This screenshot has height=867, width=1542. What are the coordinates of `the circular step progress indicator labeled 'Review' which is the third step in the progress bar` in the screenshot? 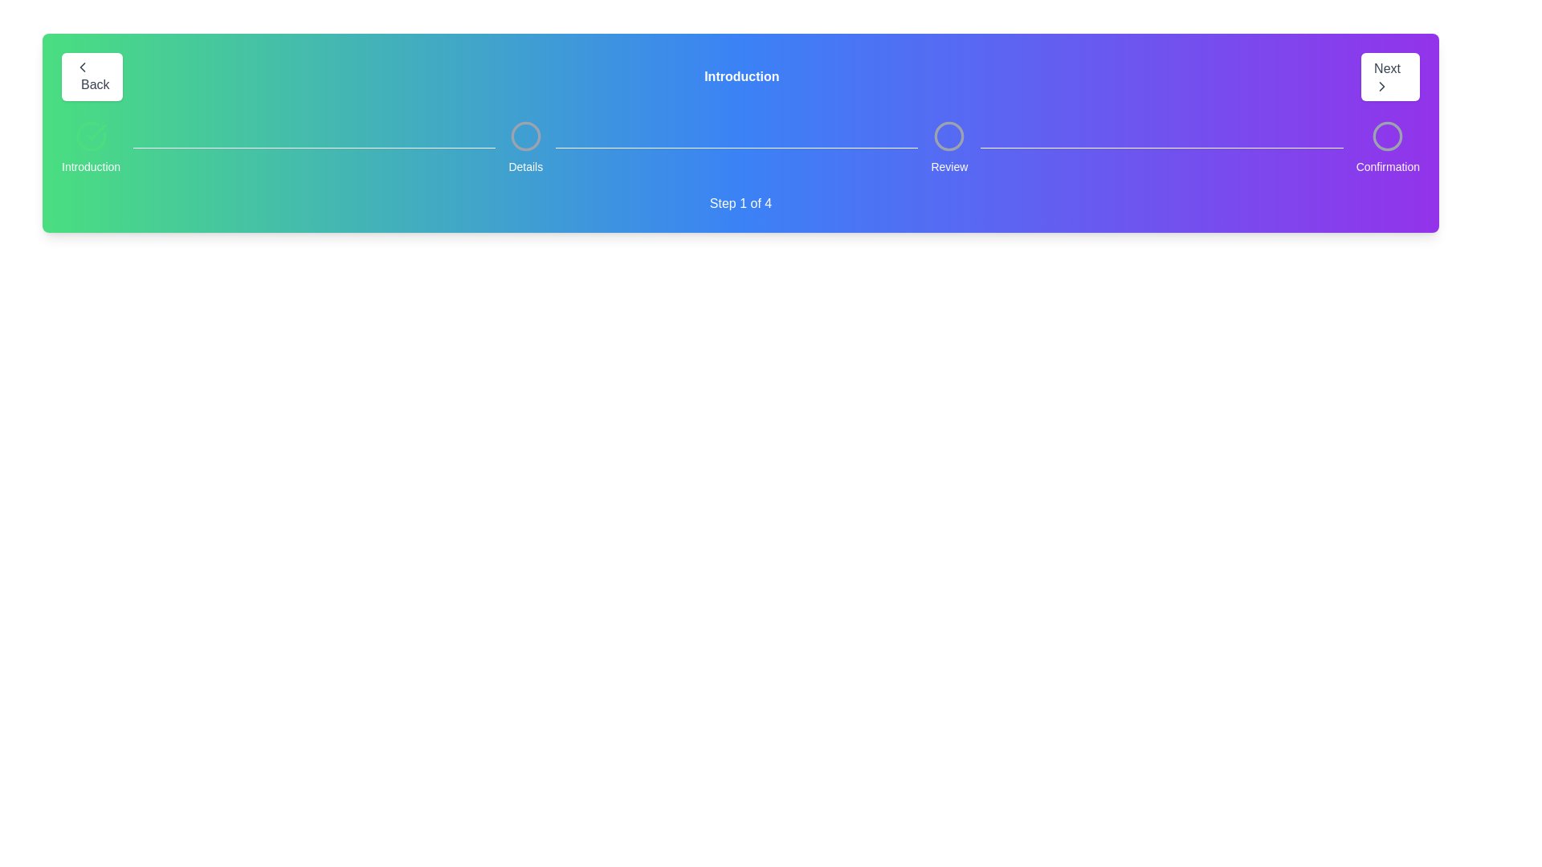 It's located at (949, 135).